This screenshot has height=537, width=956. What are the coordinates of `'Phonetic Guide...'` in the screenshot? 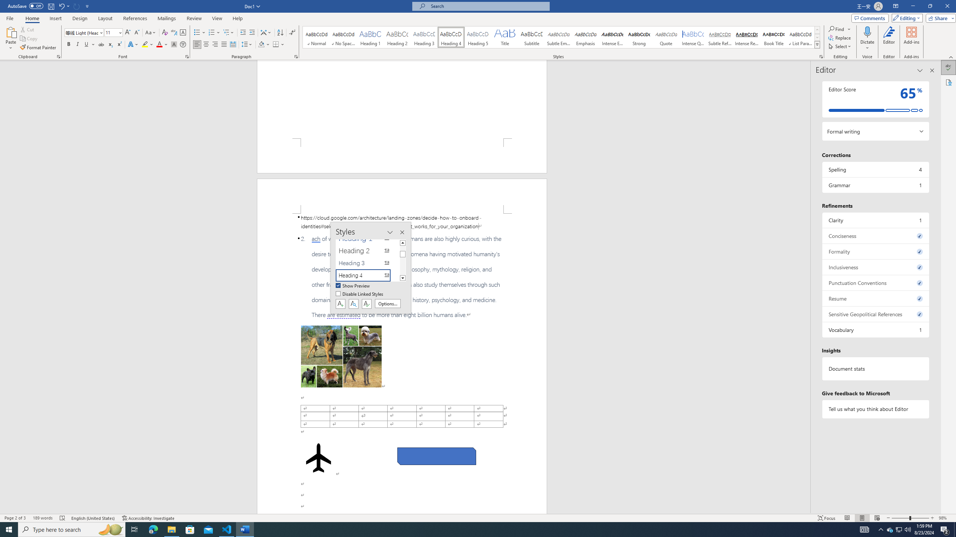 It's located at (173, 32).